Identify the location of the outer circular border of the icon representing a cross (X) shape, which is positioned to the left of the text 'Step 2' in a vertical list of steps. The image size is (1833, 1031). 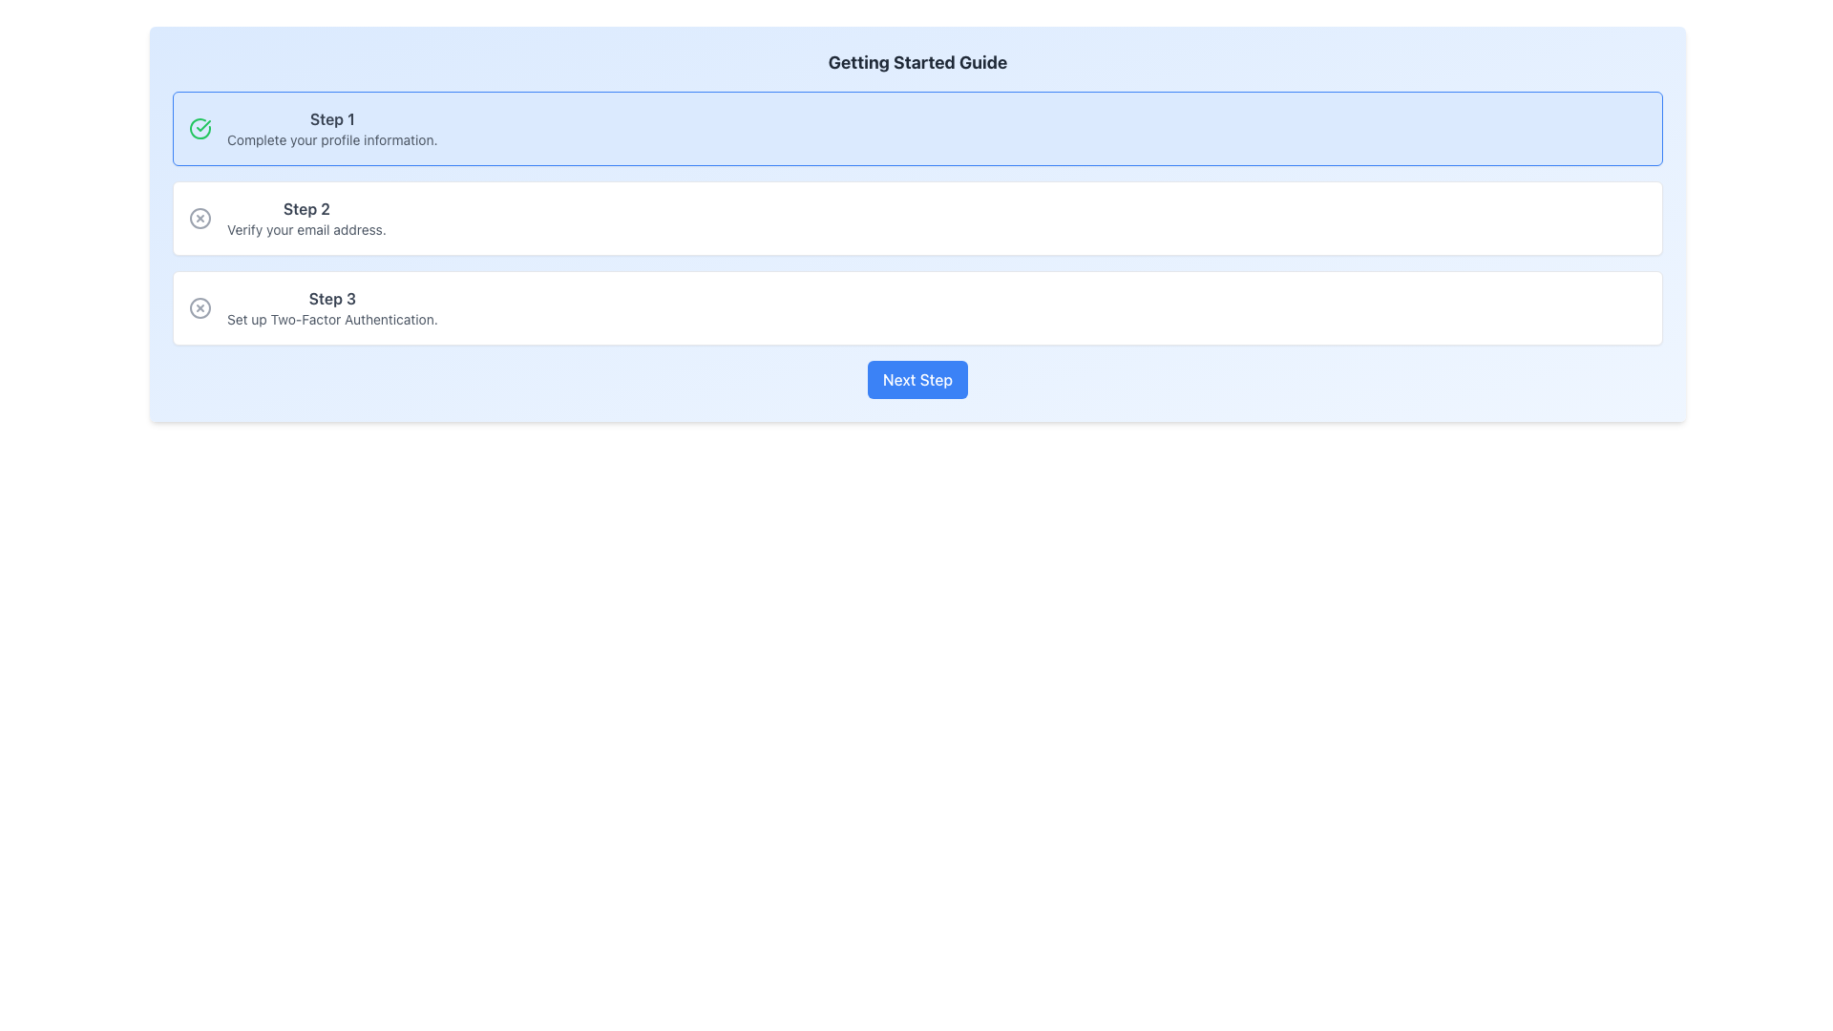
(200, 217).